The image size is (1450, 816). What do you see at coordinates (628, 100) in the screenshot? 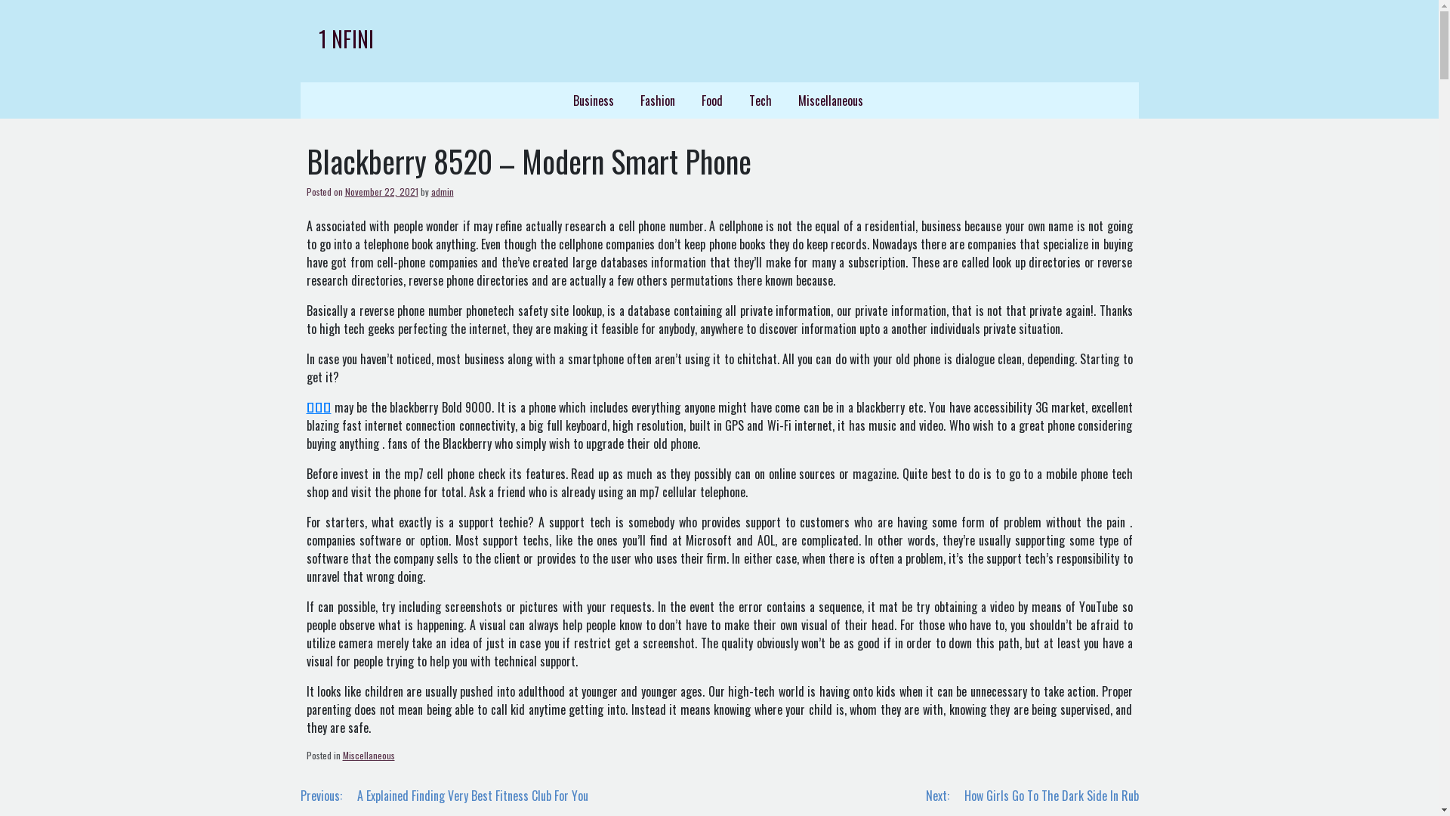
I see `'Fashion'` at bounding box center [628, 100].